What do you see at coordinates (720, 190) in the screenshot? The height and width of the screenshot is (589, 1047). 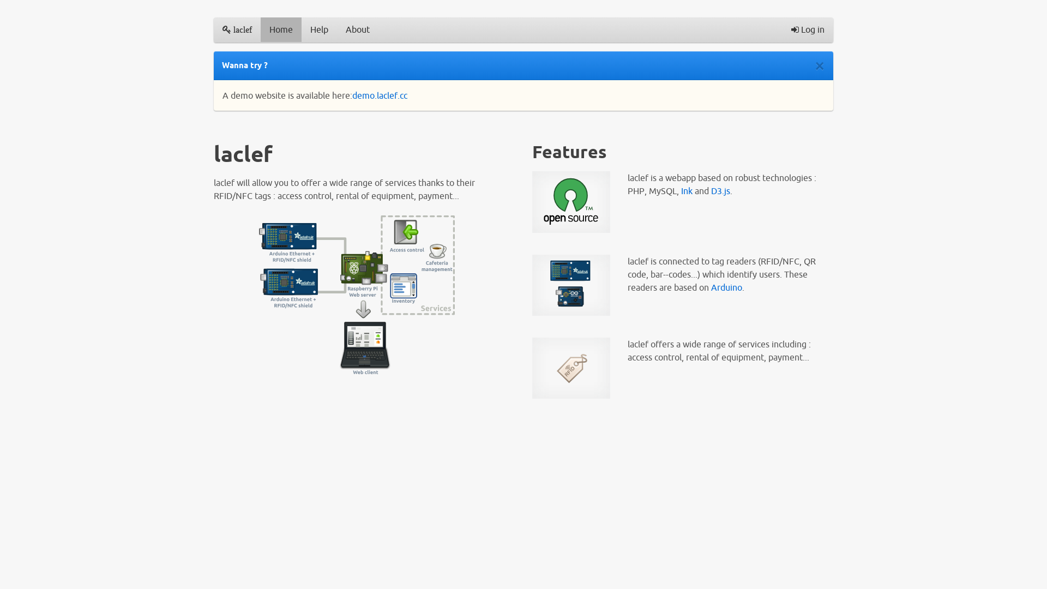 I see `'D3.js'` at bounding box center [720, 190].